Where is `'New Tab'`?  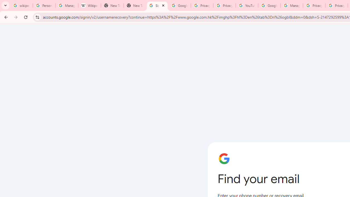
'New Tab' is located at coordinates (112, 5).